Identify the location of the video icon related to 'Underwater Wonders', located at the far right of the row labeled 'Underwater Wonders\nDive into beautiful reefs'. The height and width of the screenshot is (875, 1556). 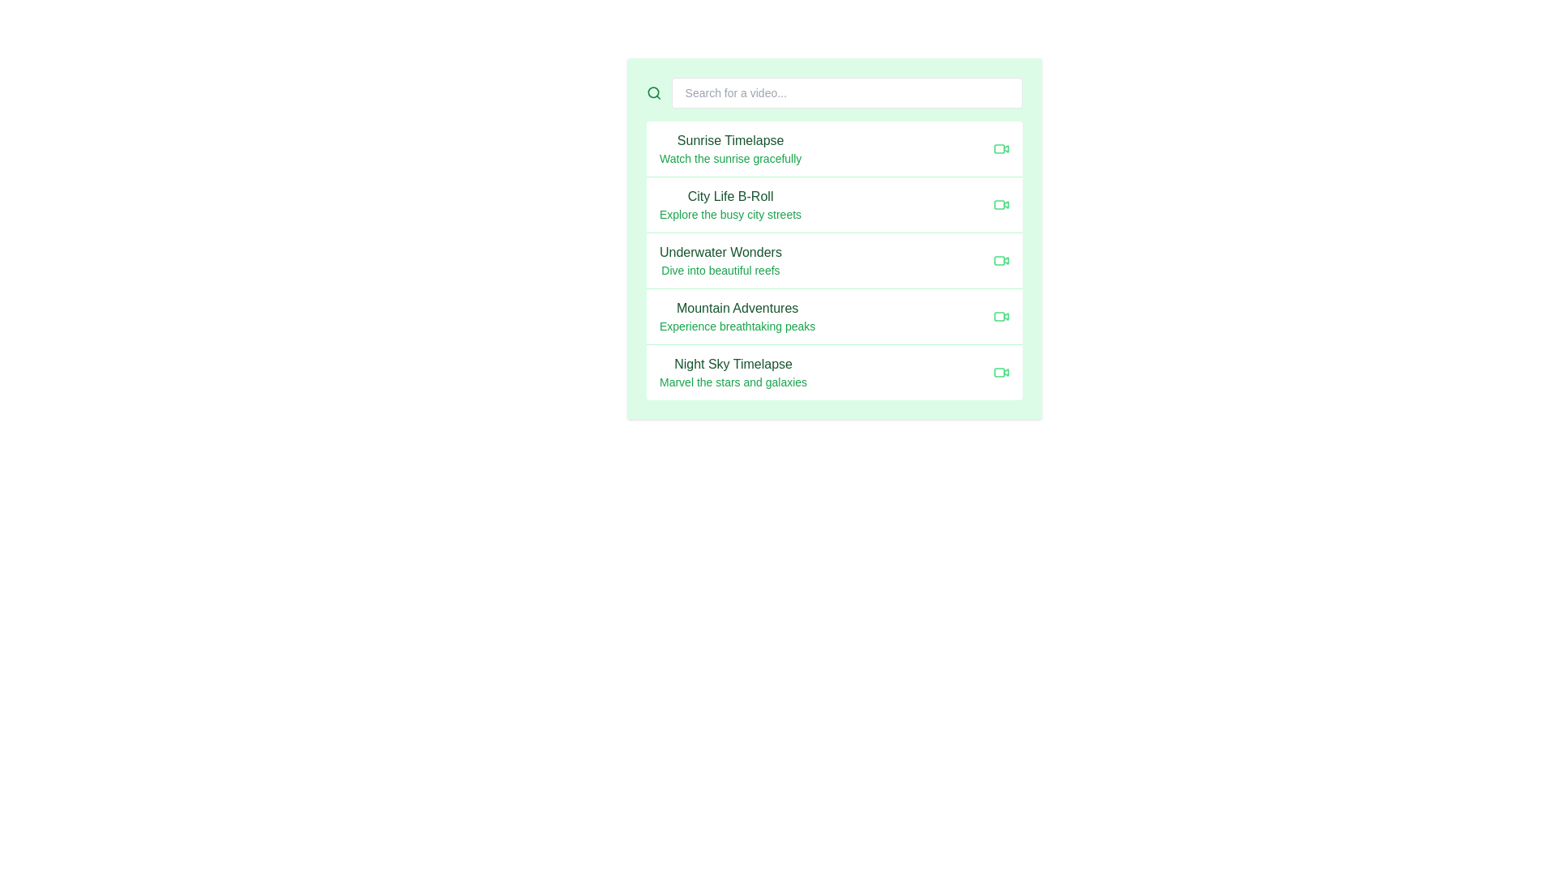
(1001, 259).